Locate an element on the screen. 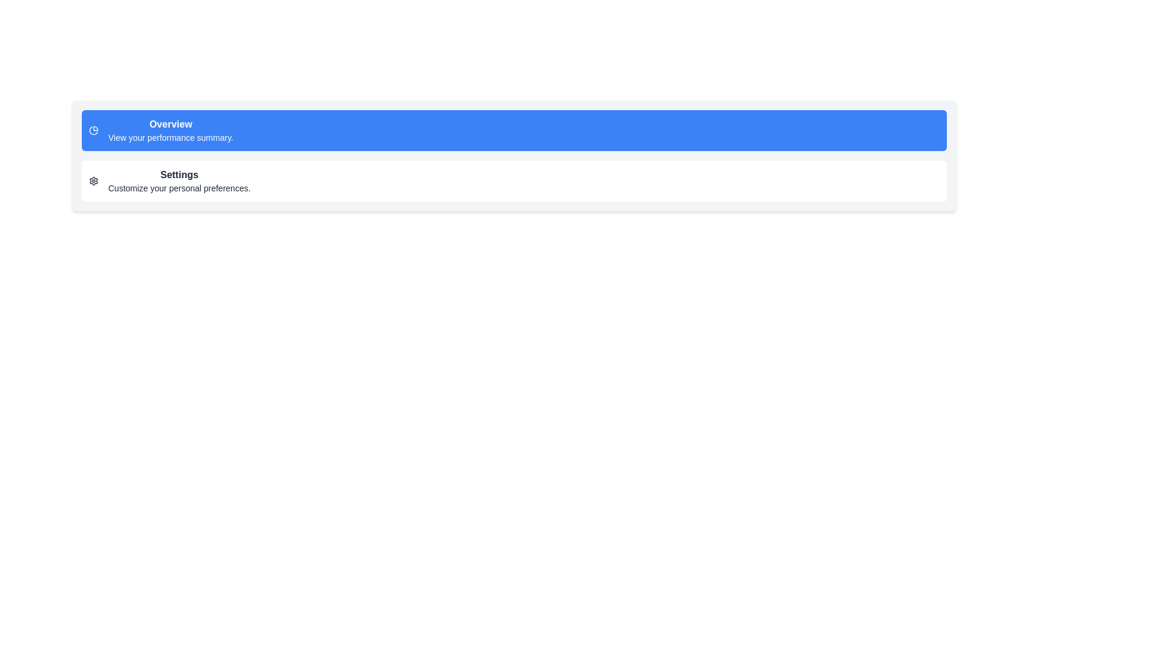 This screenshot has width=1155, height=650. the gear-shaped icon located to the left of the 'Settings' text is located at coordinates (93, 181).